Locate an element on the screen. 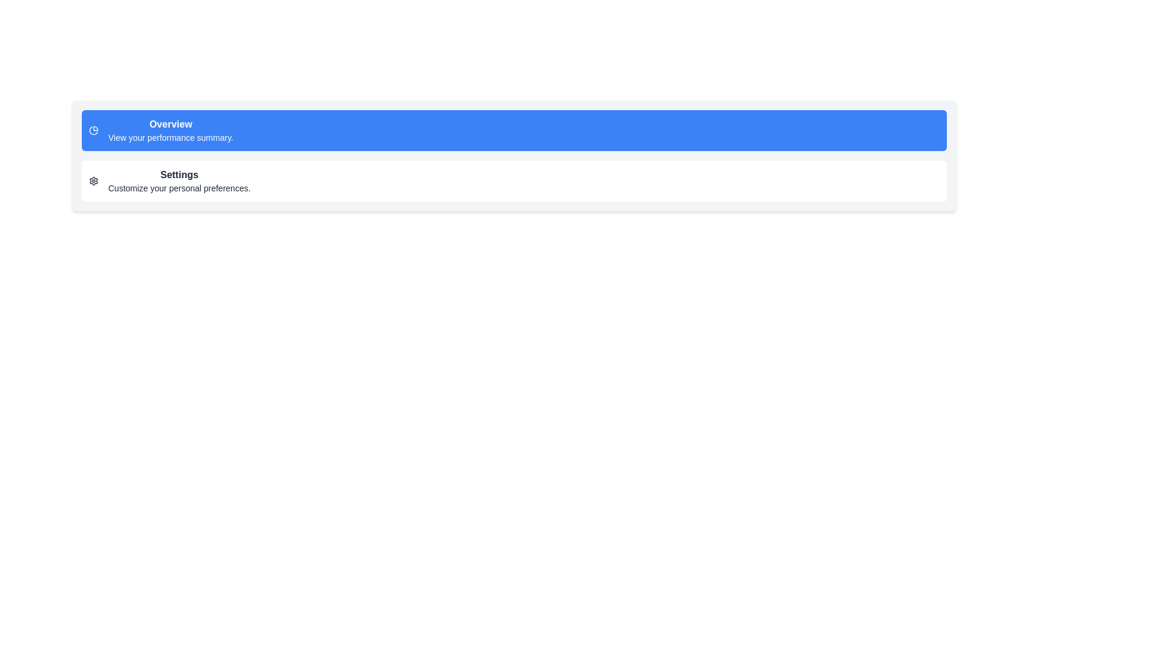 This screenshot has width=1155, height=650. the gear-shaped icon located to the left of the 'Settings' text is located at coordinates (93, 181).